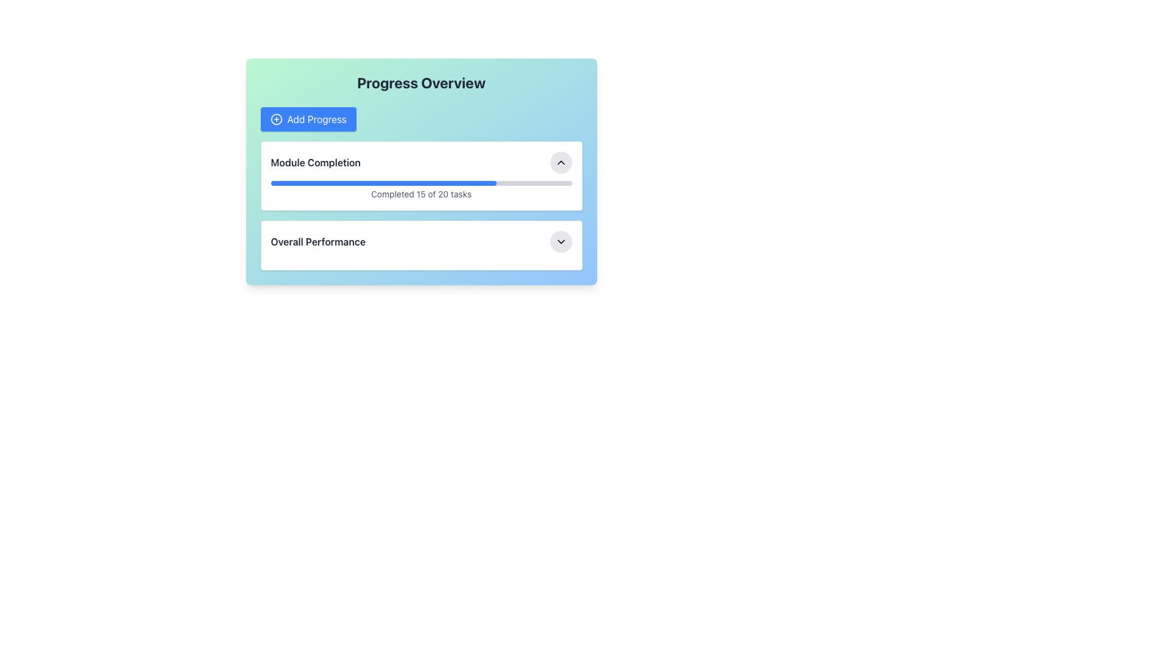 Image resolution: width=1170 pixels, height=658 pixels. Describe the element at coordinates (421, 183) in the screenshot. I see `the progress represented by the horizontal progress bar located within the 'Module Completion' panel, above the text 'Completed 15 of 20 tasks'` at that location.